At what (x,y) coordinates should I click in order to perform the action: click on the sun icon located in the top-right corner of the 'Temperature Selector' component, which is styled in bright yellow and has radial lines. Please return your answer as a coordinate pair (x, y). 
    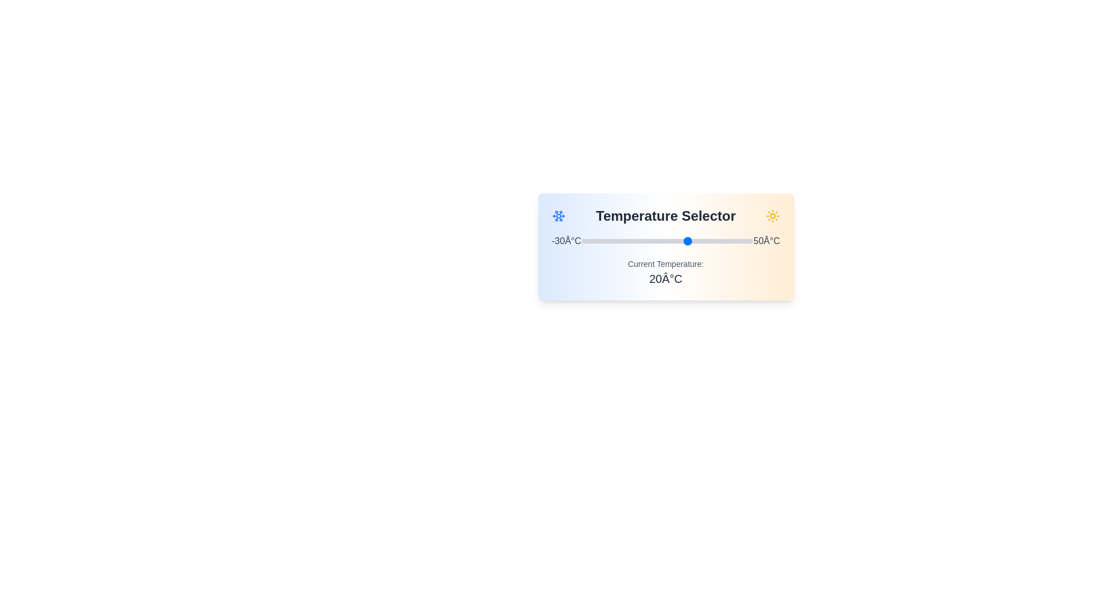
    Looking at the image, I should click on (773, 216).